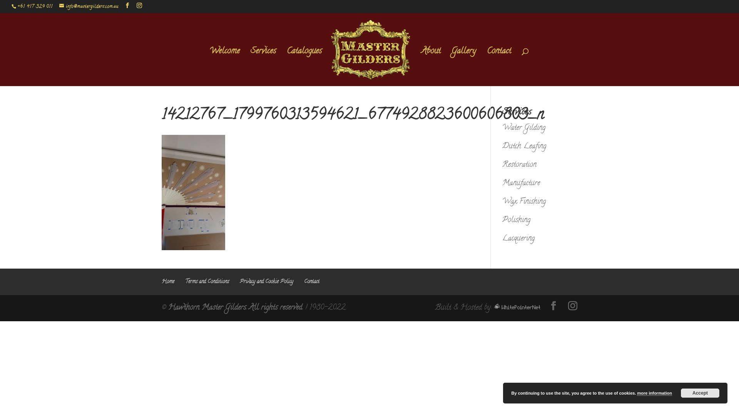 The width and height of the screenshot is (739, 415). Describe the element at coordinates (487, 67) in the screenshot. I see `'Contact'` at that location.